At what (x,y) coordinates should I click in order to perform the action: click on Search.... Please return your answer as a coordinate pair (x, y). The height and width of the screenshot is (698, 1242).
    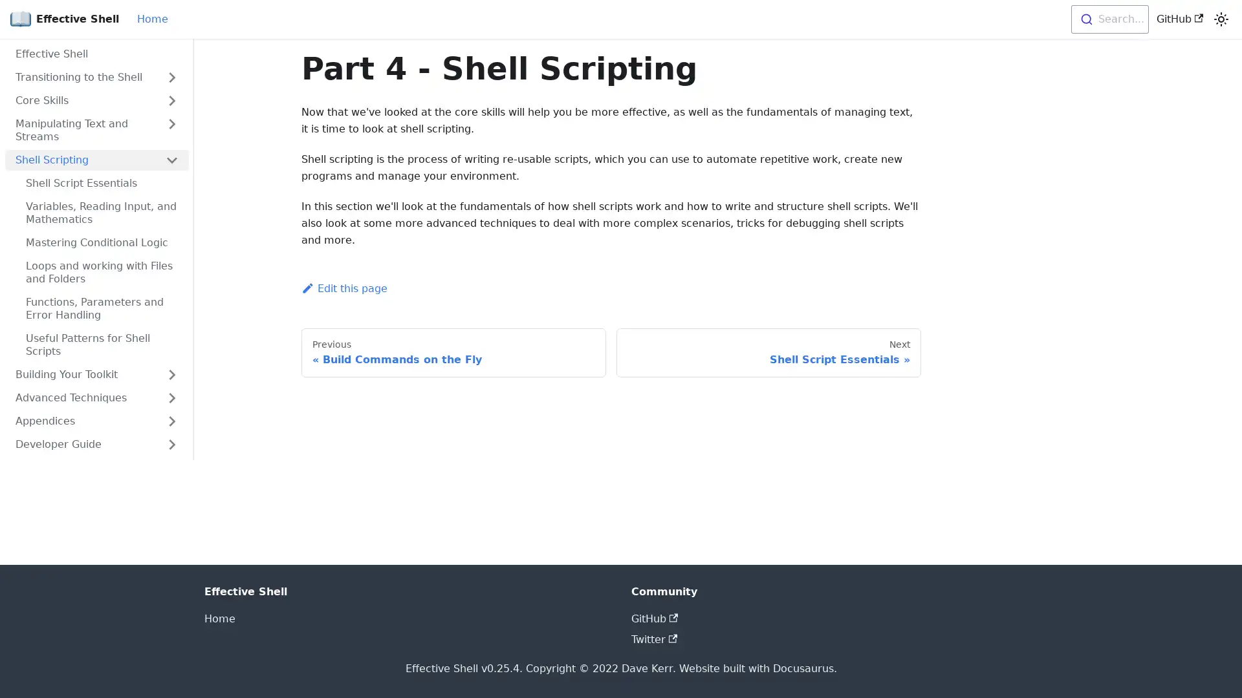
    Looking at the image, I should click on (1108, 19).